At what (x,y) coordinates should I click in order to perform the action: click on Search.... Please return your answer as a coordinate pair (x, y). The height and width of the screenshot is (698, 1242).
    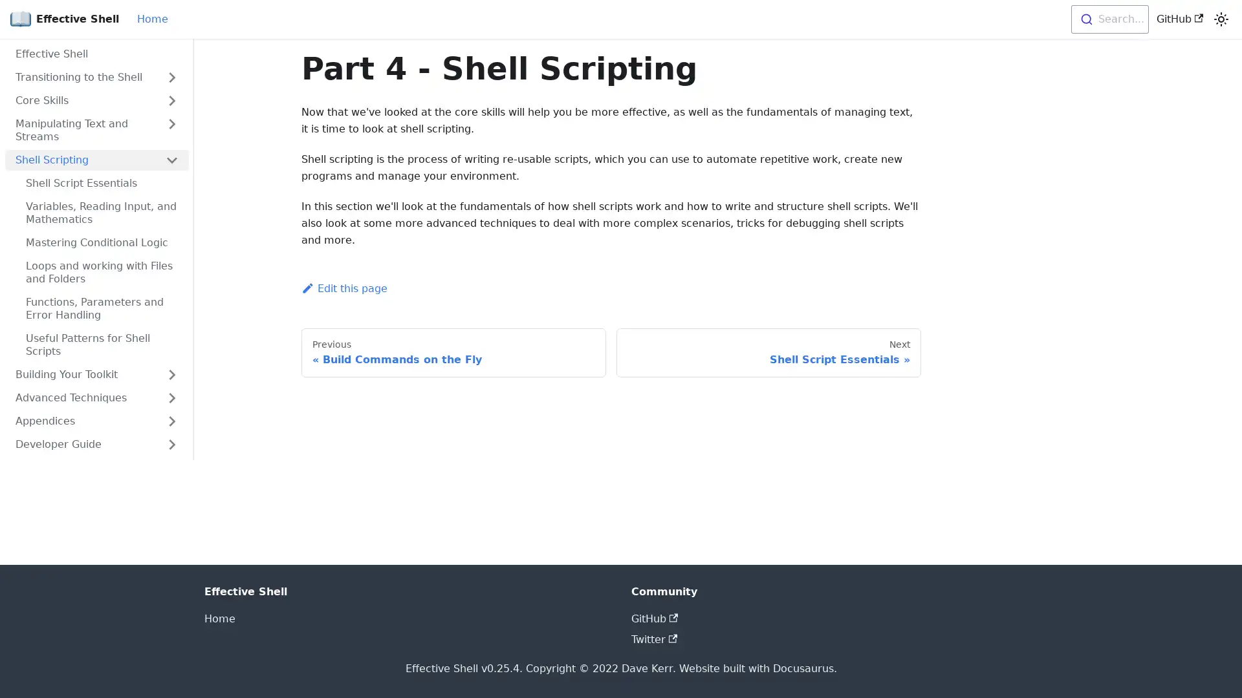
    Looking at the image, I should click on (1108, 19).